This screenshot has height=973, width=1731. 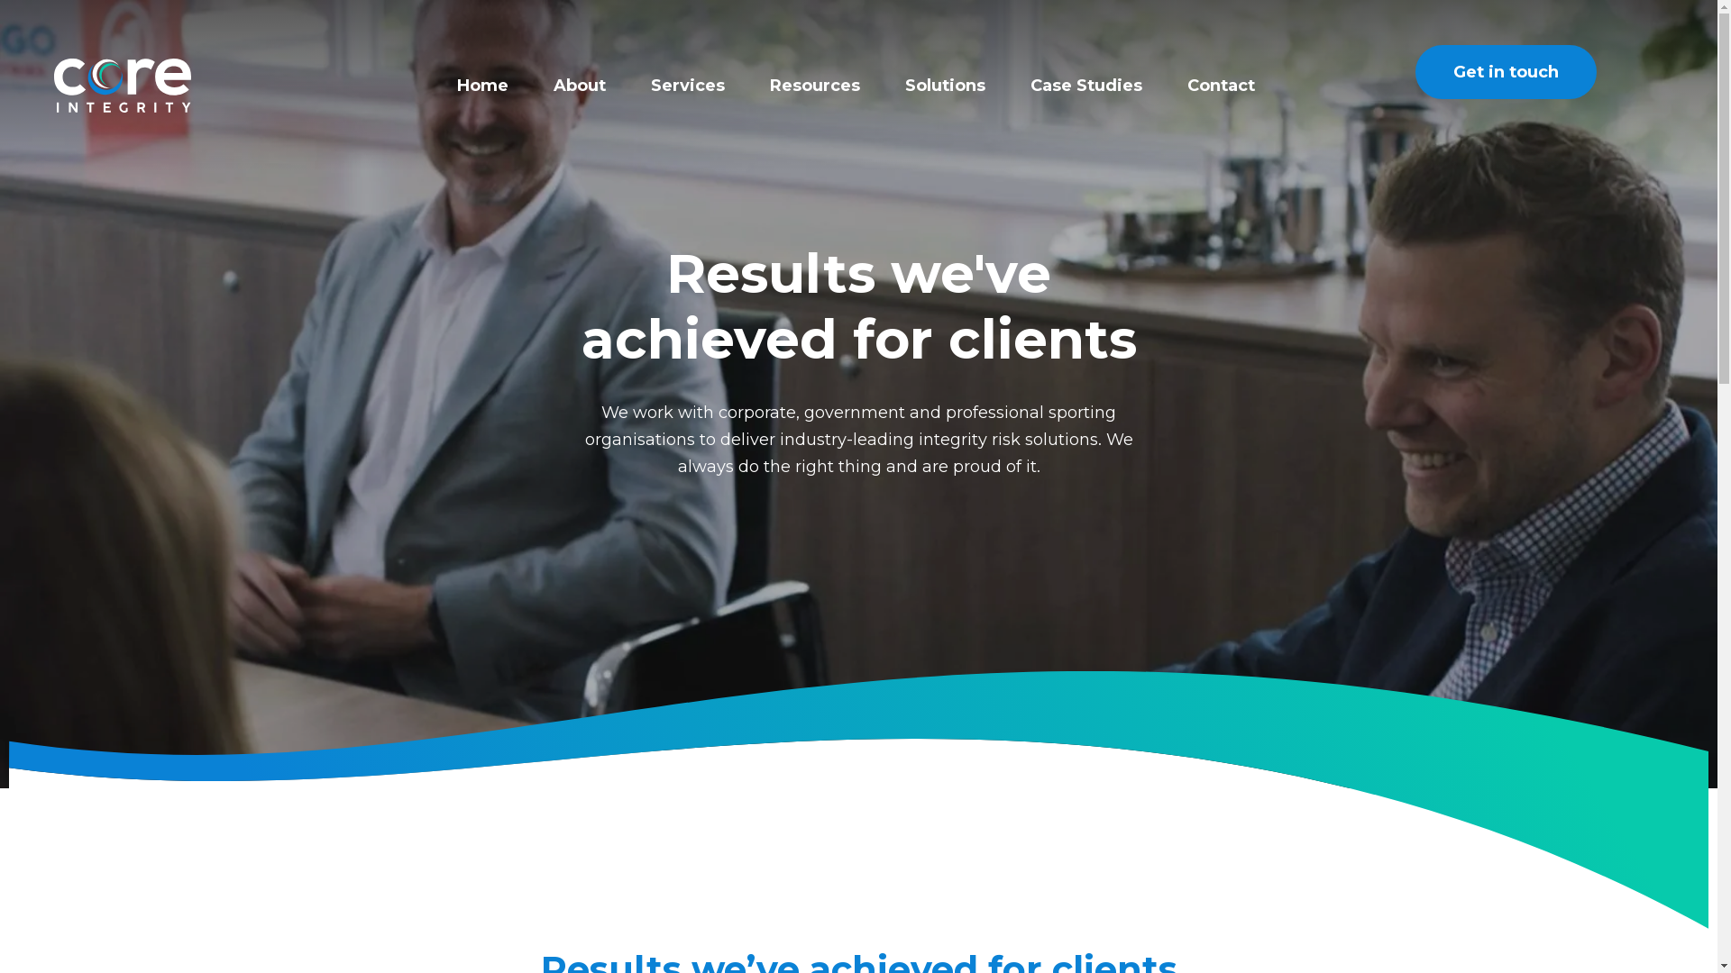 I want to click on 'Get in touch', so click(x=1506, y=71).